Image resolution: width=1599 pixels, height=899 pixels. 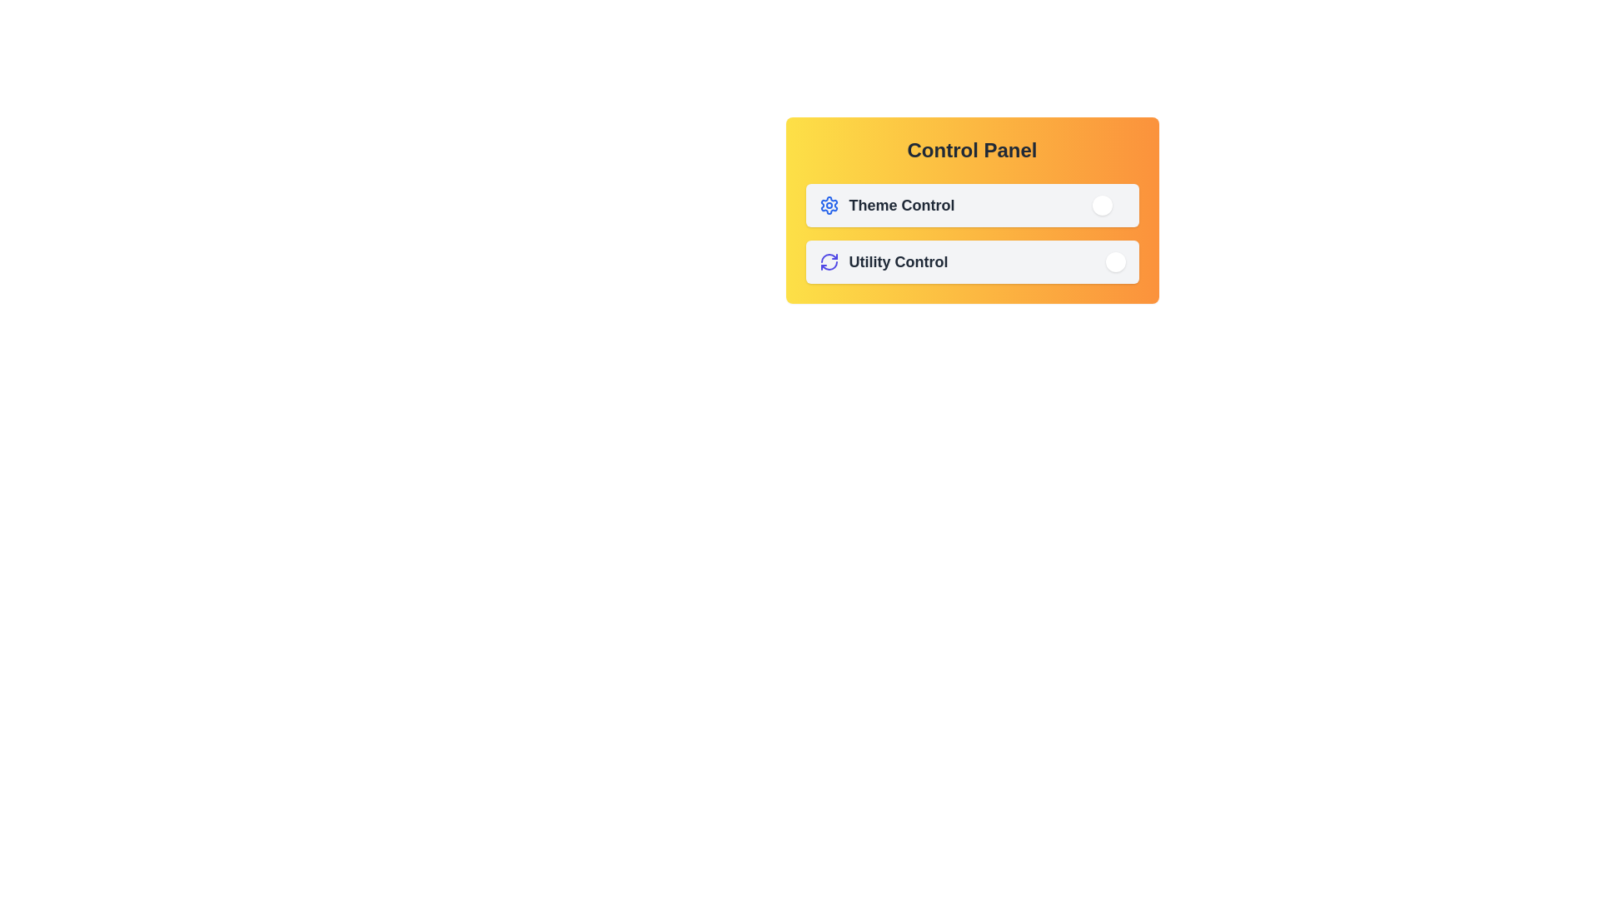 I want to click on the bold text label displaying 'Utility Control', so click(x=898, y=262).